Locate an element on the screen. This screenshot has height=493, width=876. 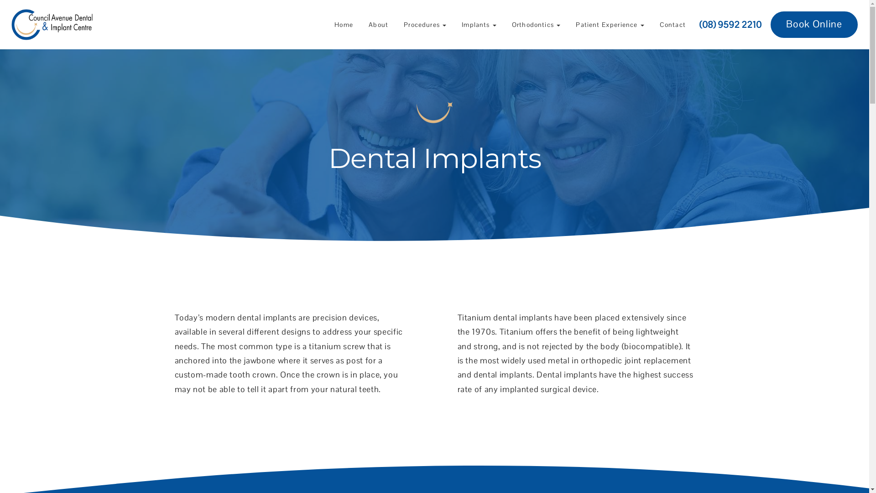
'Book Online' is located at coordinates (814, 24).